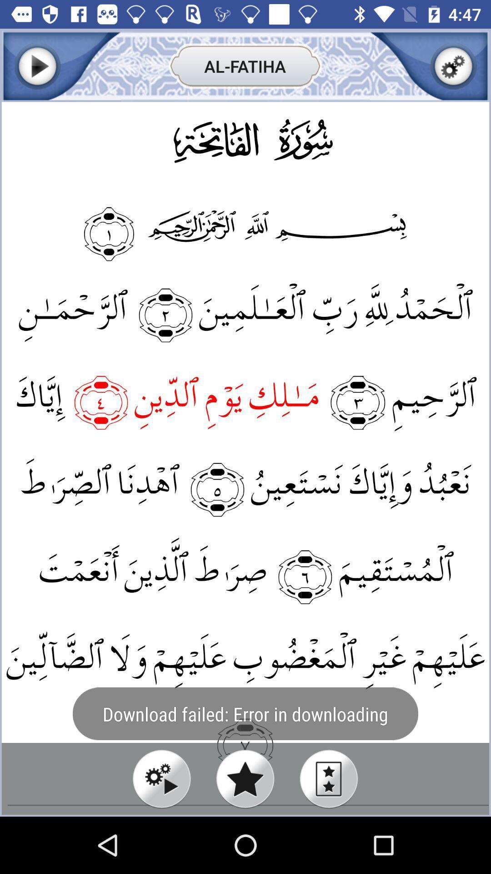 The image size is (491, 874). I want to click on next, so click(37, 66).